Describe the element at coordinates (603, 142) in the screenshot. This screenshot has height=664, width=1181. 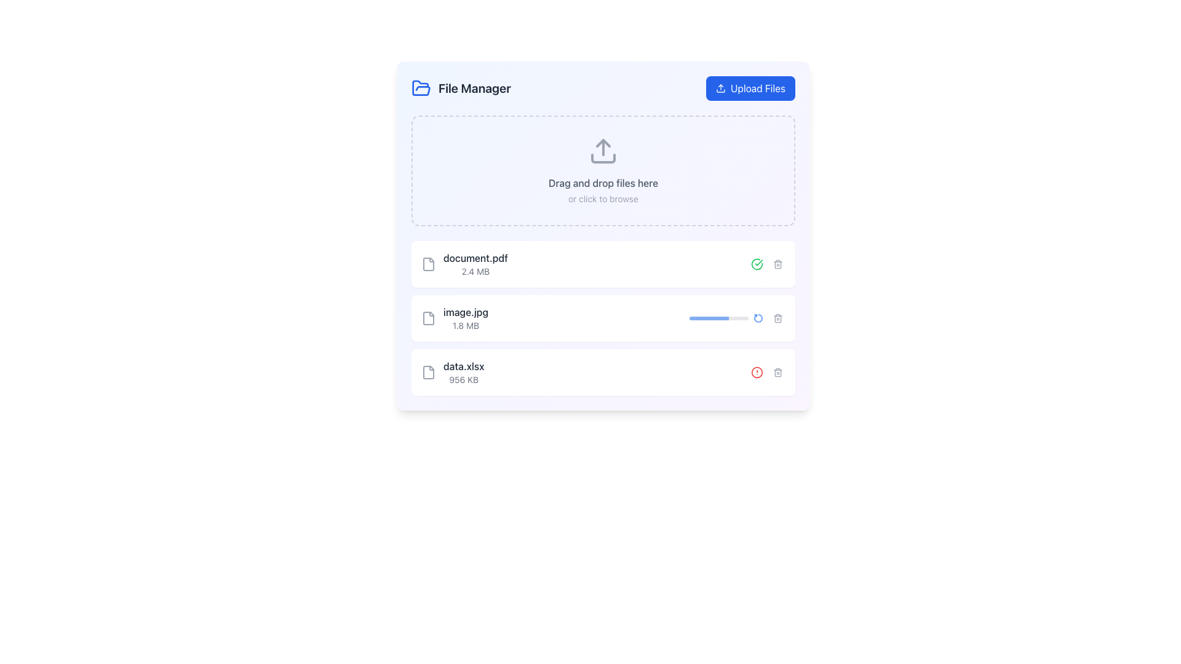
I see `the arrowhead of the graphical upload icon, which serves as a directional indication for the upload operation` at that location.